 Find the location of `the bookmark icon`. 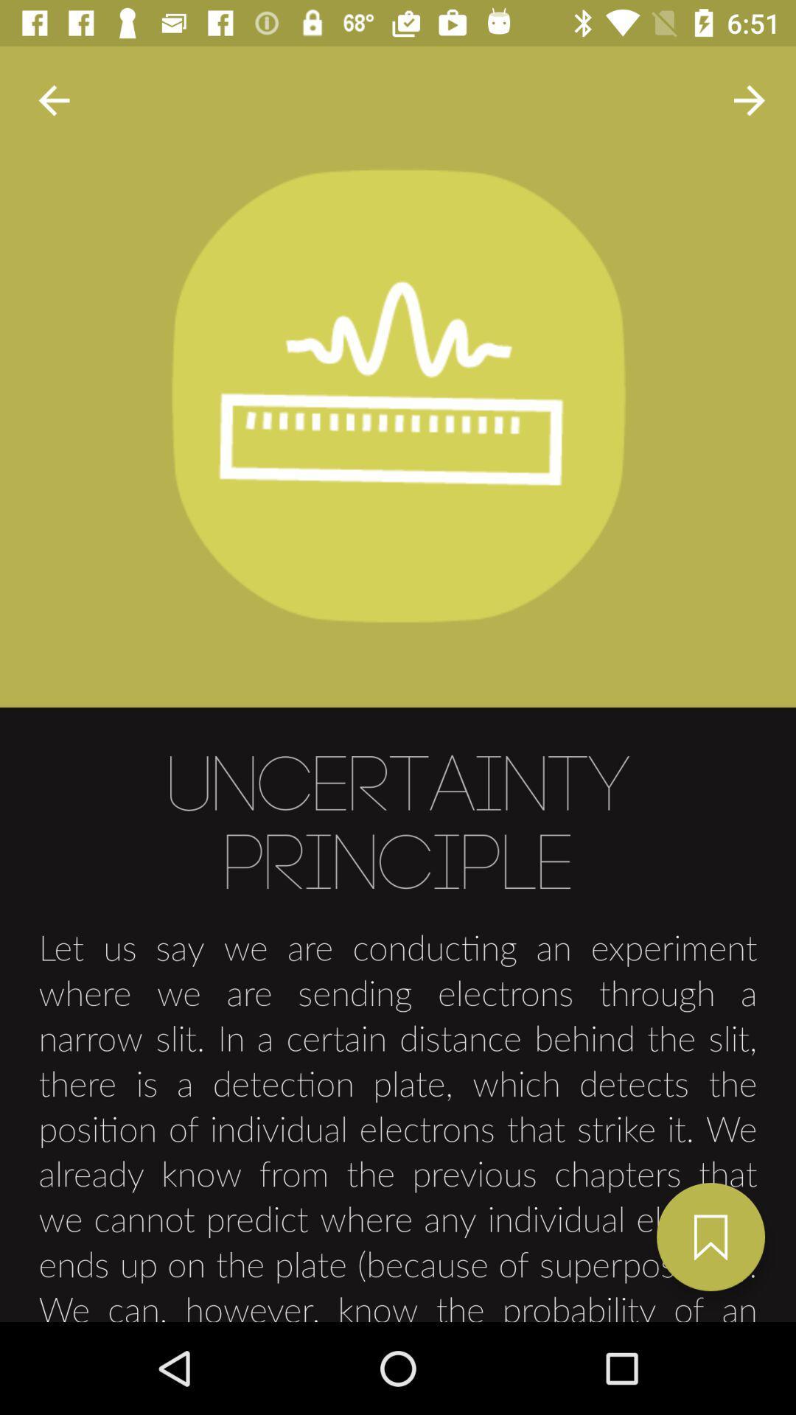

the bookmark icon is located at coordinates (710, 1237).